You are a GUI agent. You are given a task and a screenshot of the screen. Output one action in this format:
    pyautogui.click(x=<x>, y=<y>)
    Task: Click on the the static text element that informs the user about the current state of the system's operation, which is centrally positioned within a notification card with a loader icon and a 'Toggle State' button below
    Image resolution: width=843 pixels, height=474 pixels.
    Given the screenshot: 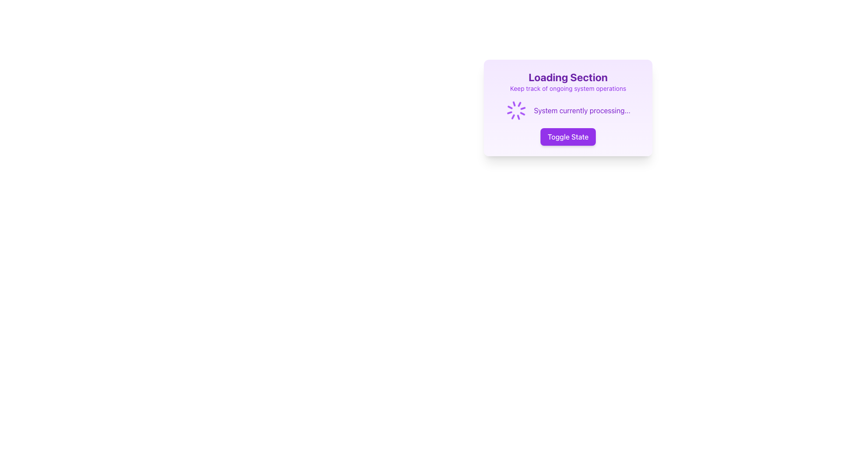 What is the action you would take?
    pyautogui.click(x=582, y=110)
    